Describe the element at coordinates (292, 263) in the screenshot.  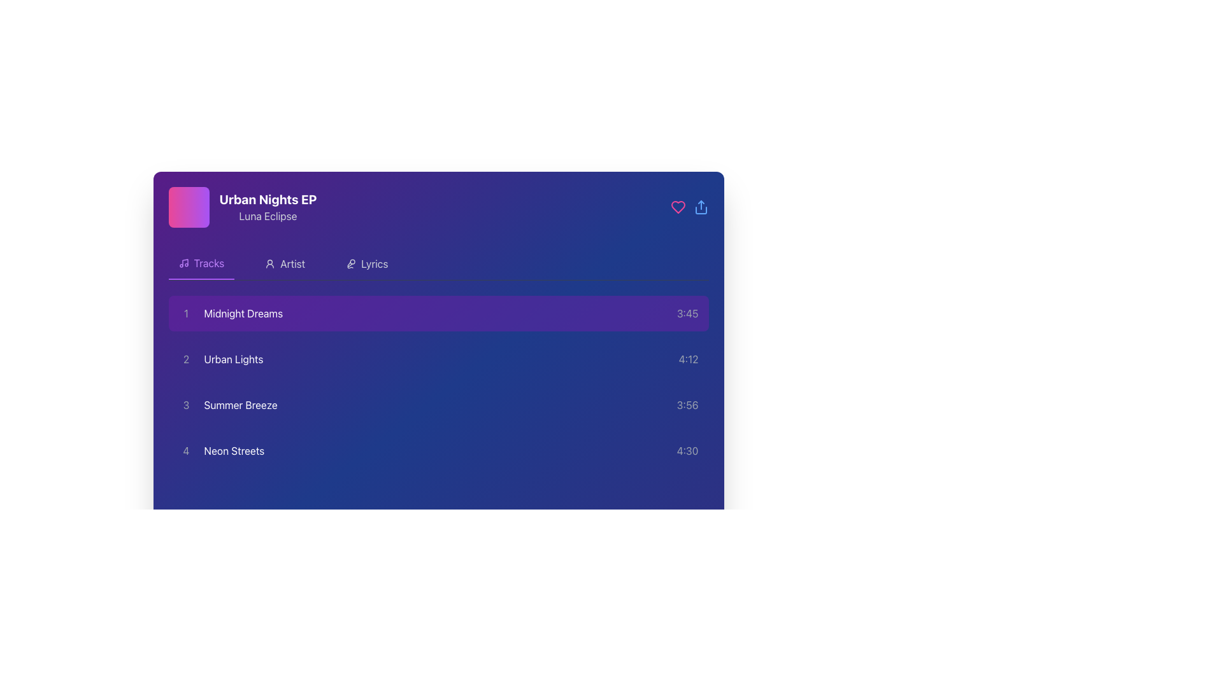
I see `the 'Artist' text label, which is the second item` at that location.